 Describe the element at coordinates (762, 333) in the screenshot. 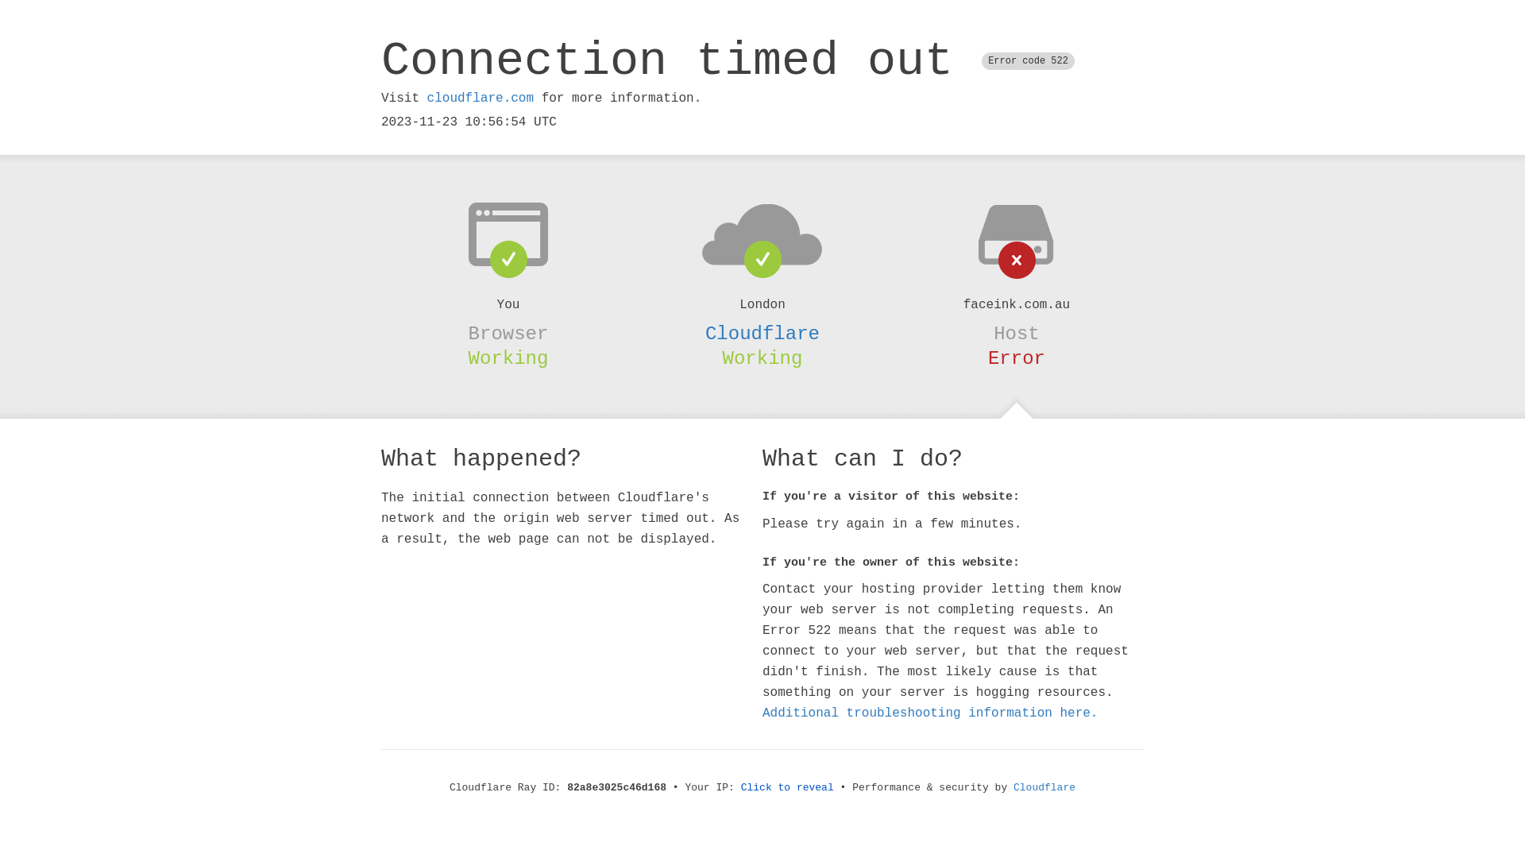

I see `'Cloudflare'` at that location.